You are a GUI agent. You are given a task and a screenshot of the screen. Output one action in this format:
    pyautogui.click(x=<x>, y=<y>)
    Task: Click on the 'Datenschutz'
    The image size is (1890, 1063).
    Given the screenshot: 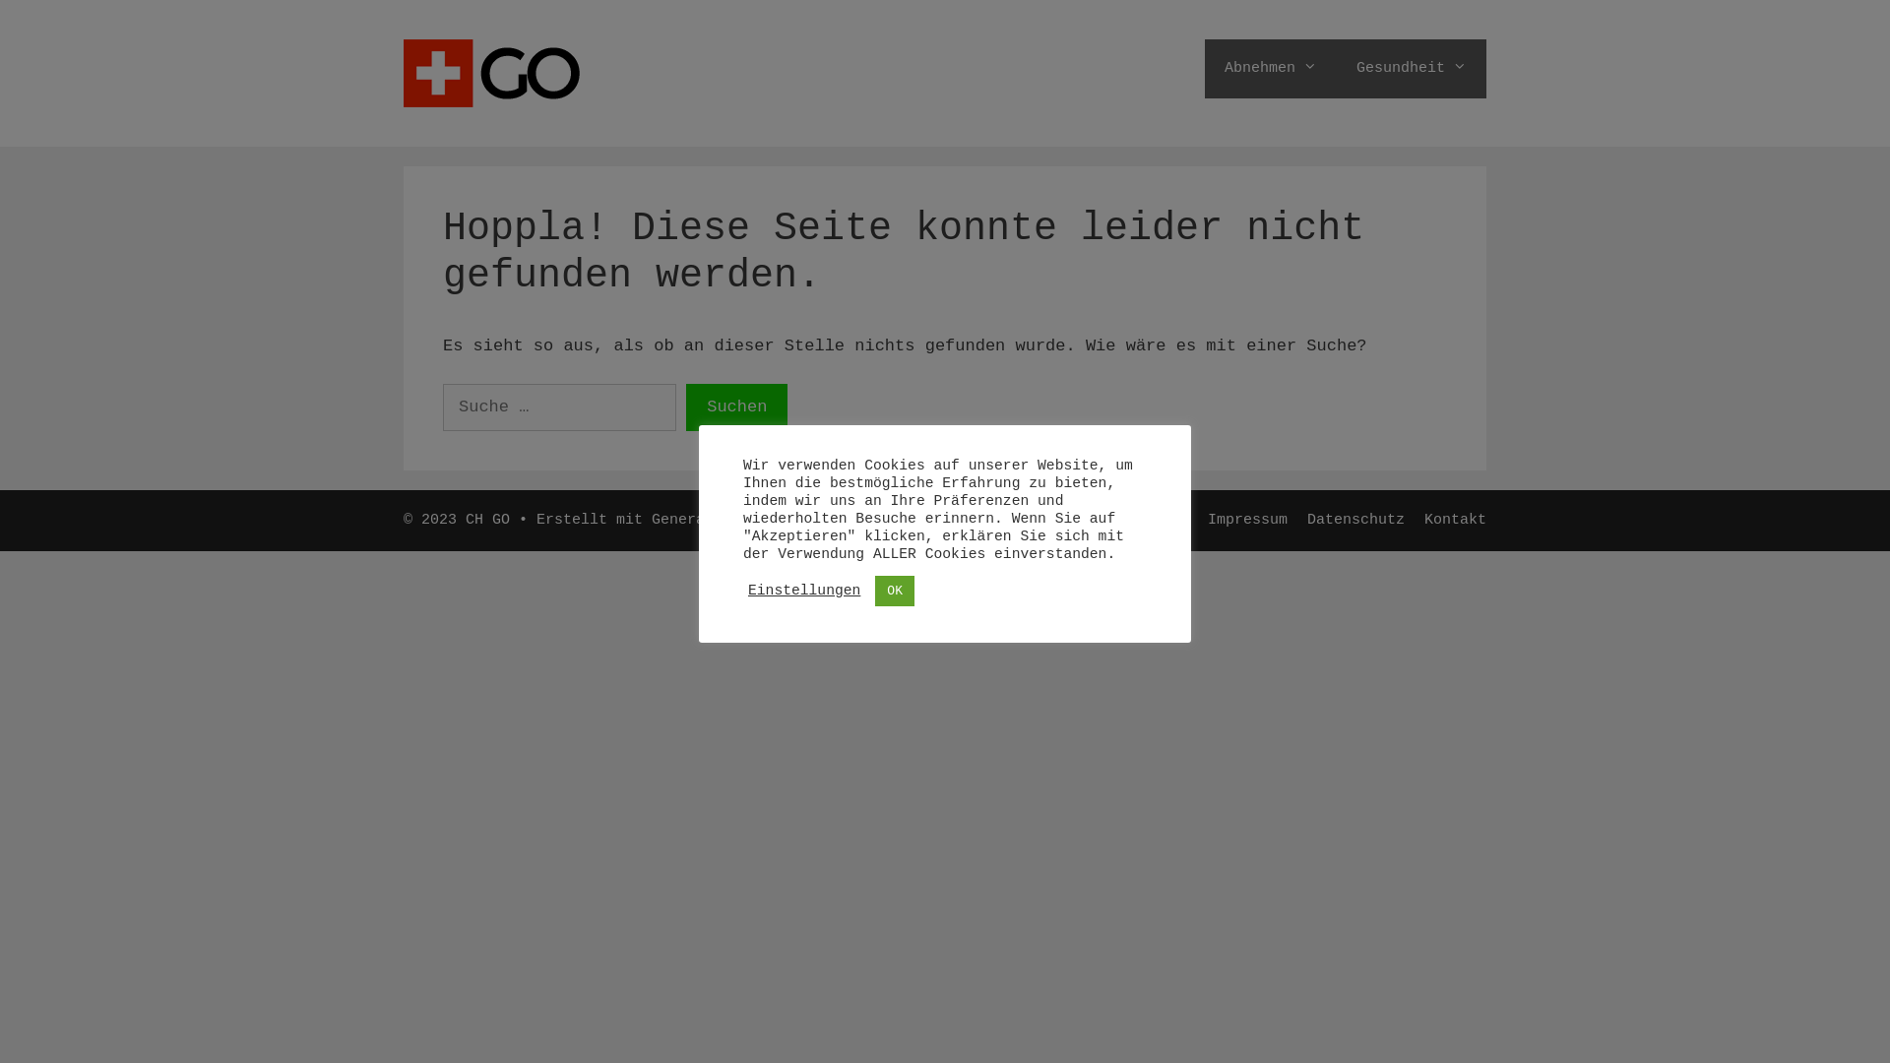 What is the action you would take?
    pyautogui.click(x=1354, y=519)
    